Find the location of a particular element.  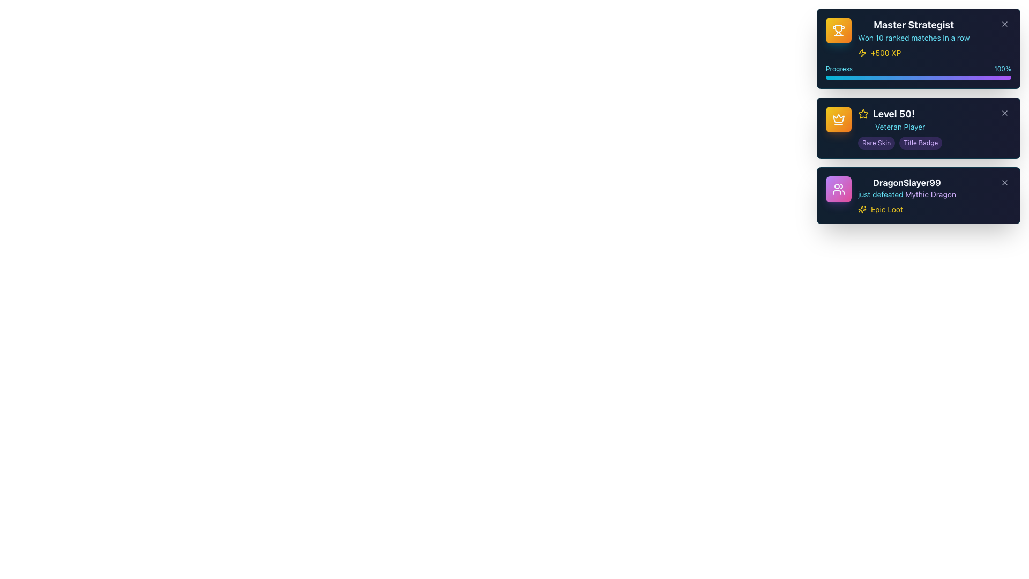

the text element displaying 'Mythic Dragon' styled in purple, located within the notification card under 'DragonSlayer99 just defeated' is located at coordinates (930, 194).